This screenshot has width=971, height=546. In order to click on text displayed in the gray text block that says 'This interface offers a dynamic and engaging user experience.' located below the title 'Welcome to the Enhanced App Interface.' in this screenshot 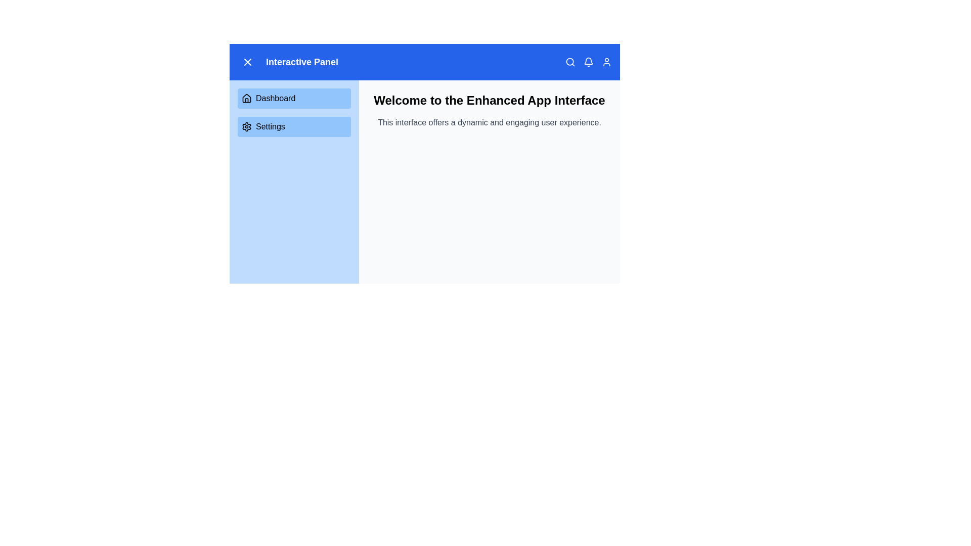, I will do `click(490, 122)`.